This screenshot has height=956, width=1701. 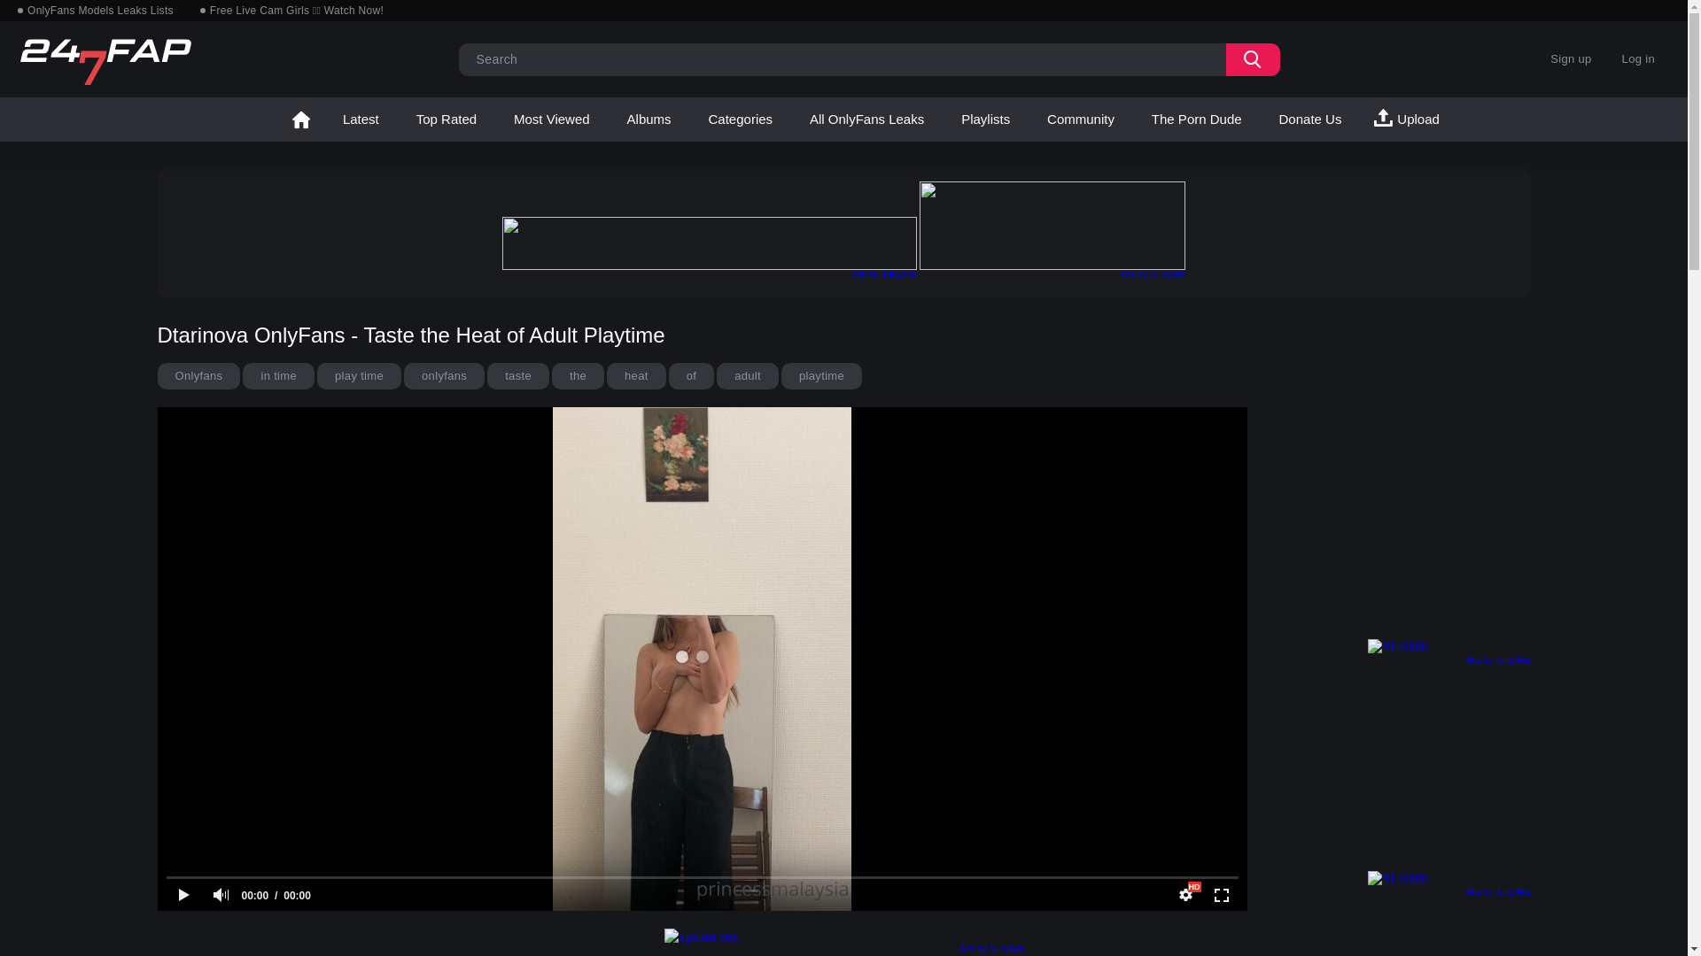 What do you see at coordinates (1196, 119) in the screenshot?
I see `'The Porn Dude'` at bounding box center [1196, 119].